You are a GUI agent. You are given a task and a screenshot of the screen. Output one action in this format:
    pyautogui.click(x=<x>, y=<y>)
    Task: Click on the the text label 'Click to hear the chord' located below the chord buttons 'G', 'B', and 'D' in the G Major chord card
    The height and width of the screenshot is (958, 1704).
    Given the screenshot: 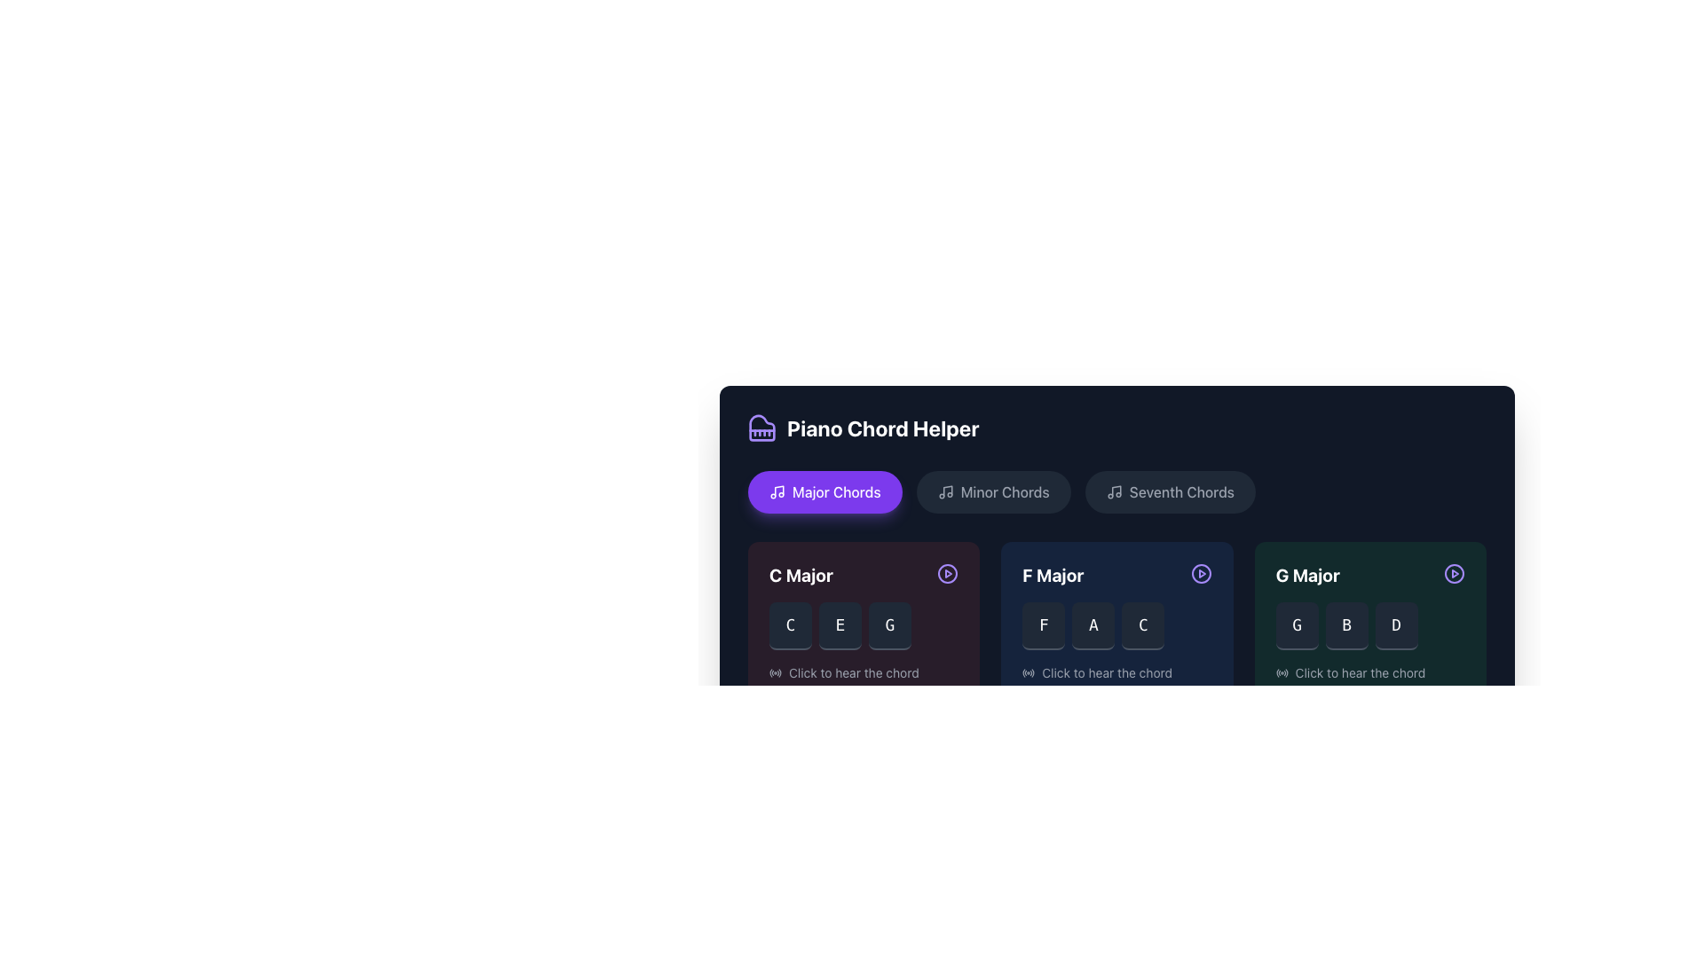 What is the action you would take?
    pyautogui.click(x=1359, y=673)
    